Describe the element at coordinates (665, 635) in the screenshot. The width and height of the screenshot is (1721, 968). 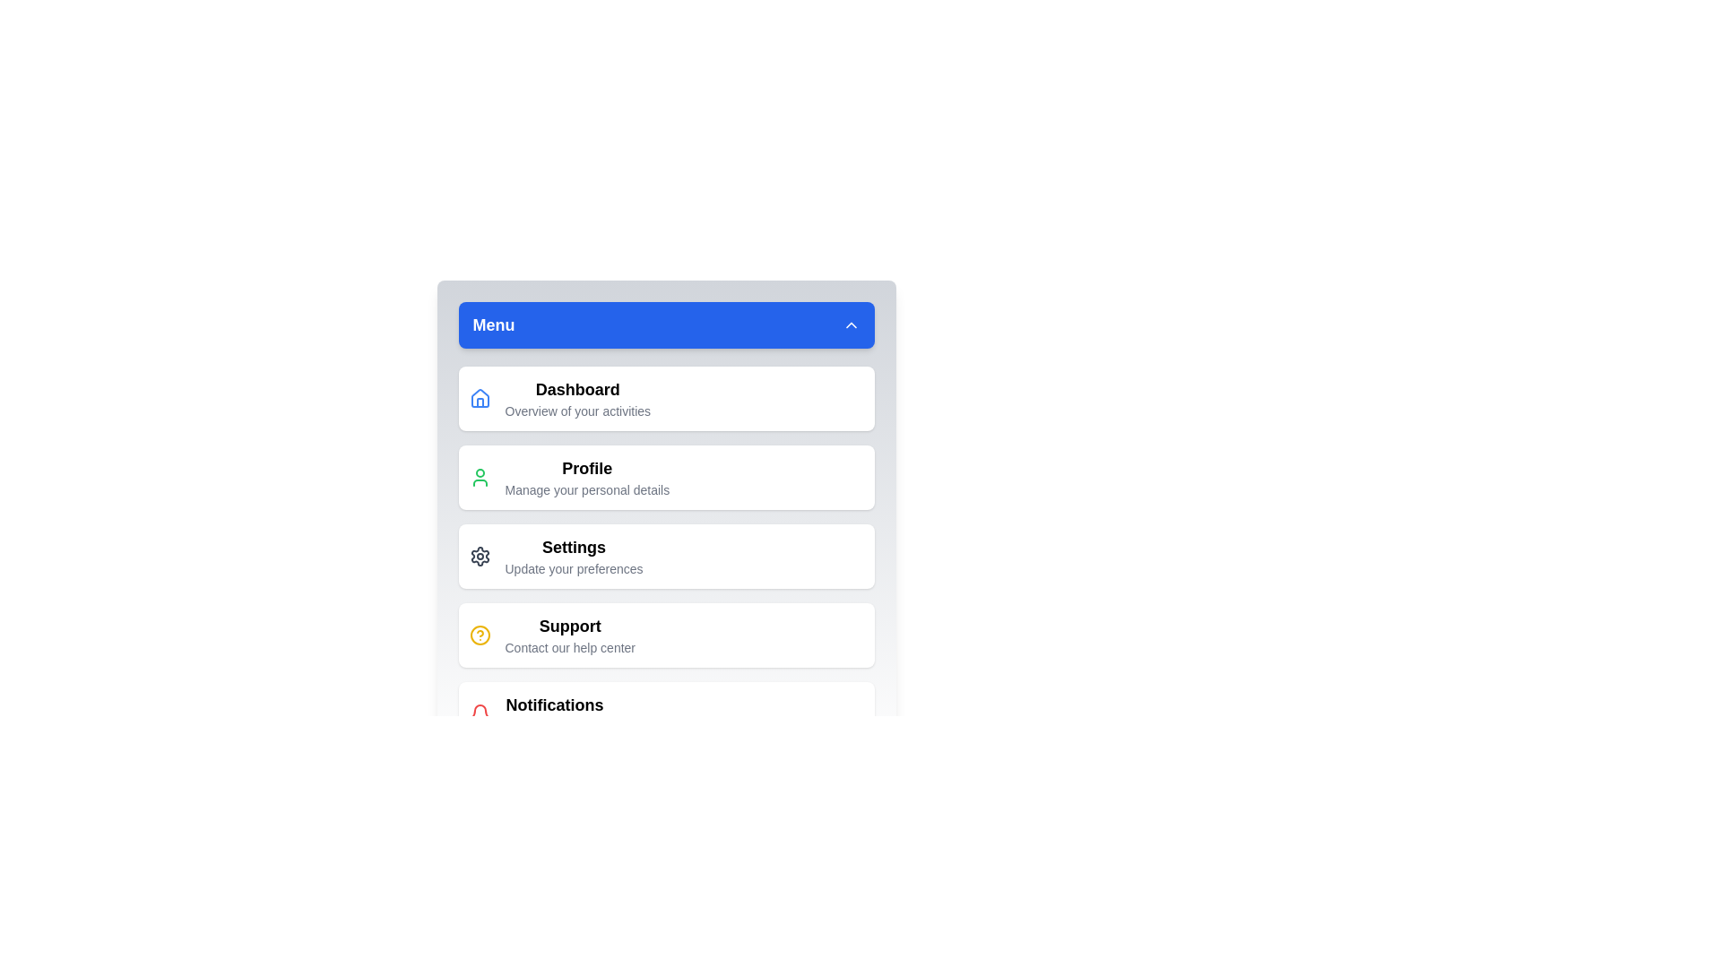
I see `the fourth menu item in the vertical menu list that provides access to the support or help center` at that location.